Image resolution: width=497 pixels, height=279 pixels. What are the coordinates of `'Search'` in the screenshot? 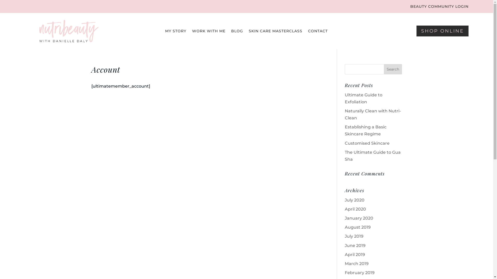 It's located at (393, 69).